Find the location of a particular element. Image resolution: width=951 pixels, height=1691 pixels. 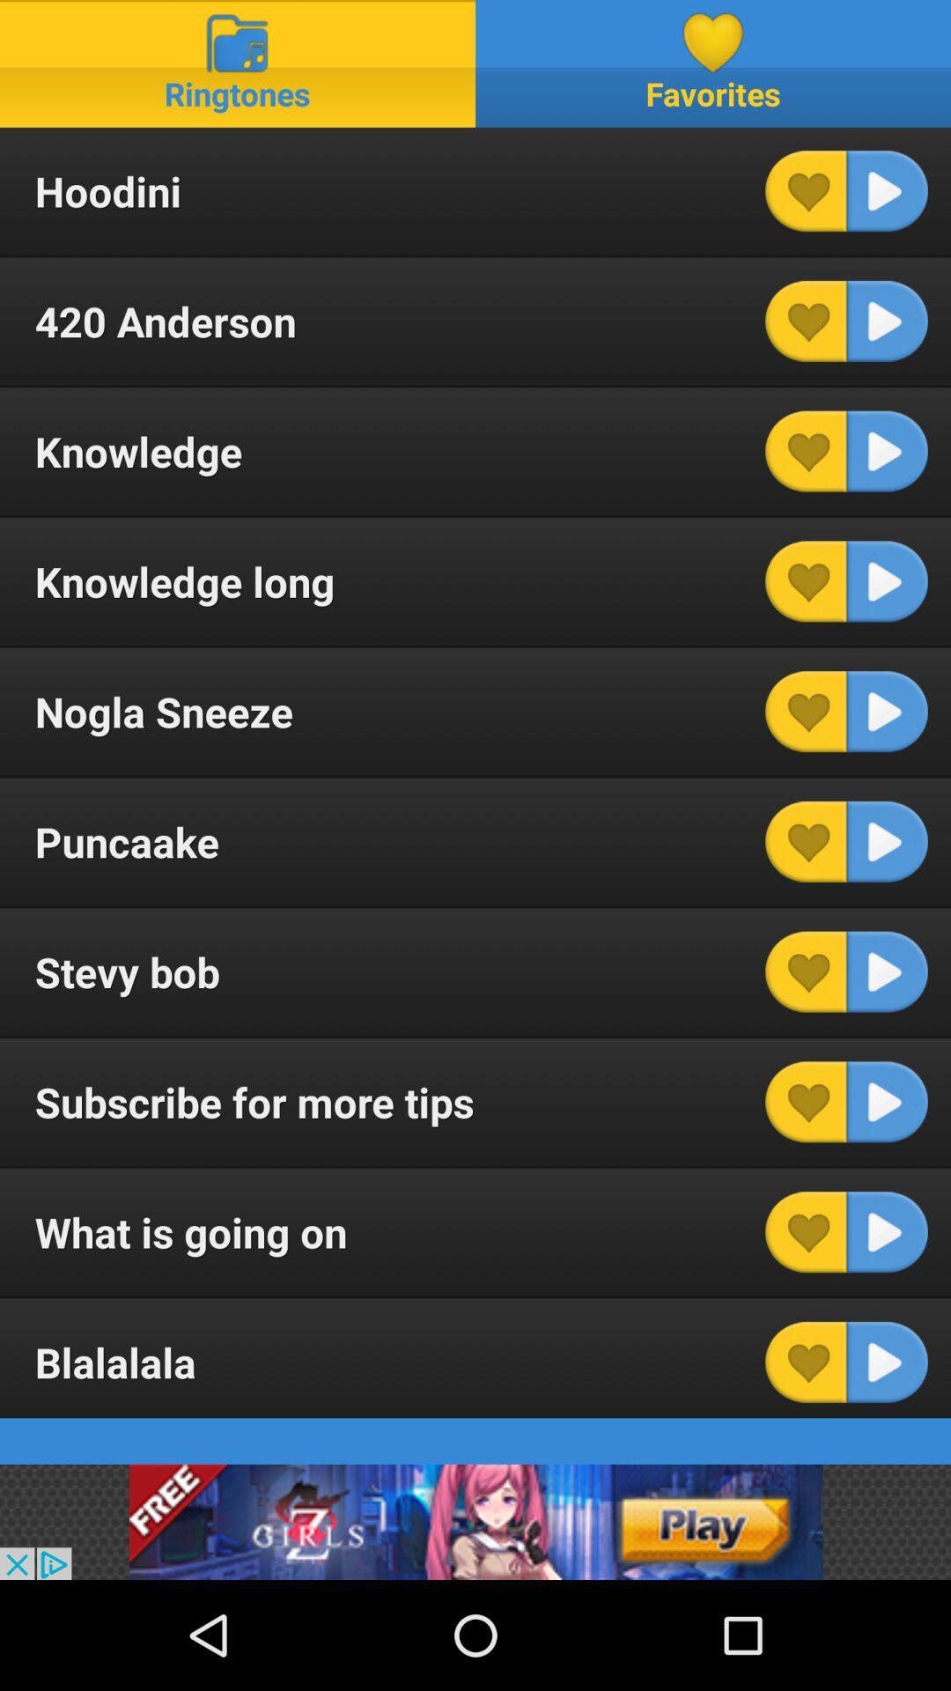

play is located at coordinates (887, 712).